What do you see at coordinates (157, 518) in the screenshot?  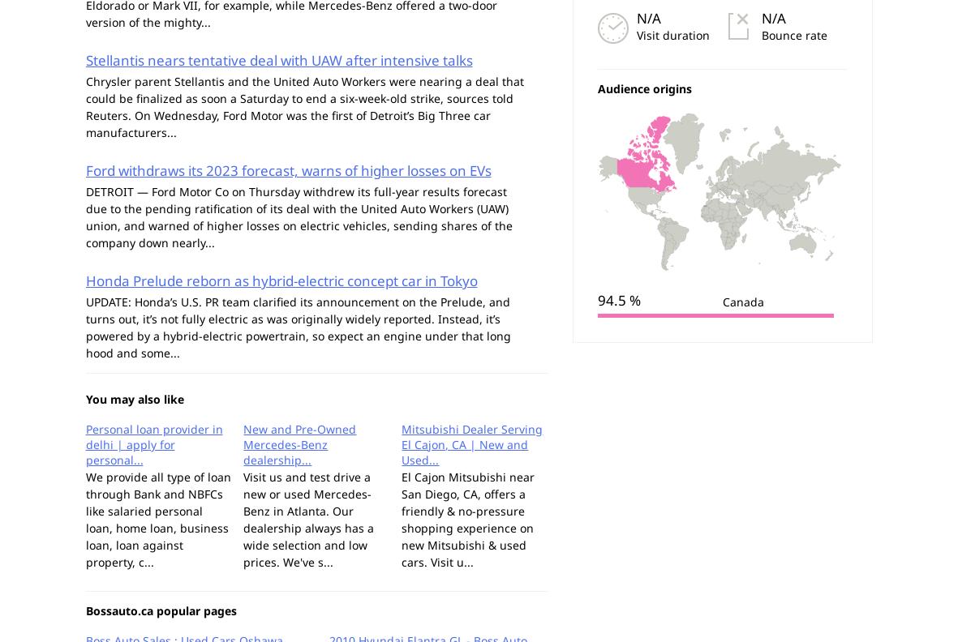 I see `'We provide all type of loan through Bank and NBFCs like salaried personal loan, home loan, business loan, loan against property, c...'` at bounding box center [157, 518].